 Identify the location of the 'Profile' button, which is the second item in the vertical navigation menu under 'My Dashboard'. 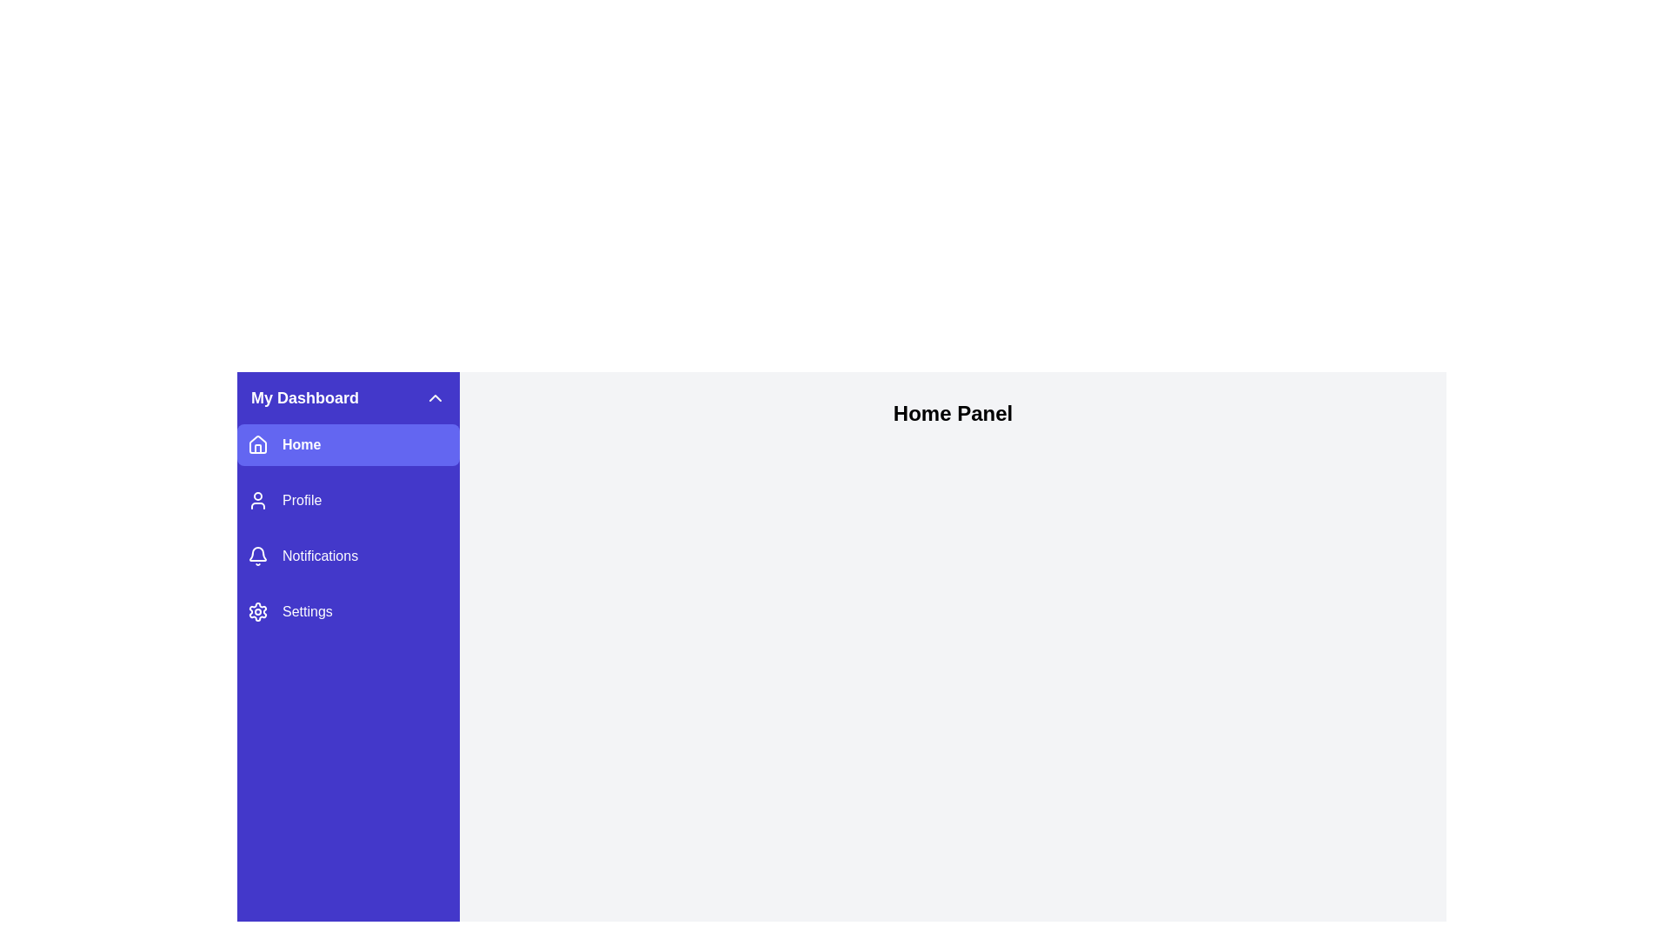
(348, 500).